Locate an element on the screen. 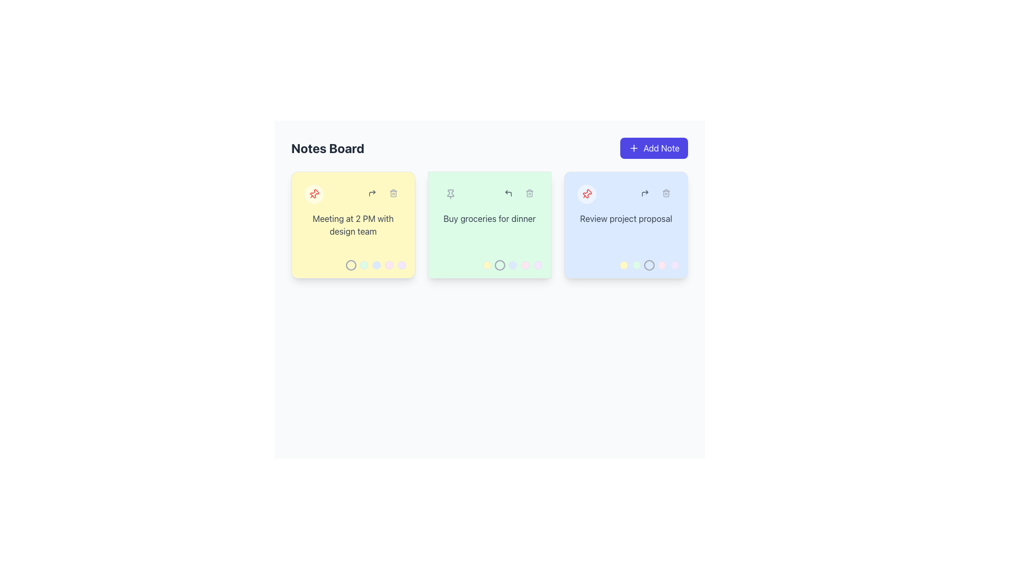 The image size is (1017, 572). the fourth circular button located at the bottom-right corner of the green card is located at coordinates (525, 265).